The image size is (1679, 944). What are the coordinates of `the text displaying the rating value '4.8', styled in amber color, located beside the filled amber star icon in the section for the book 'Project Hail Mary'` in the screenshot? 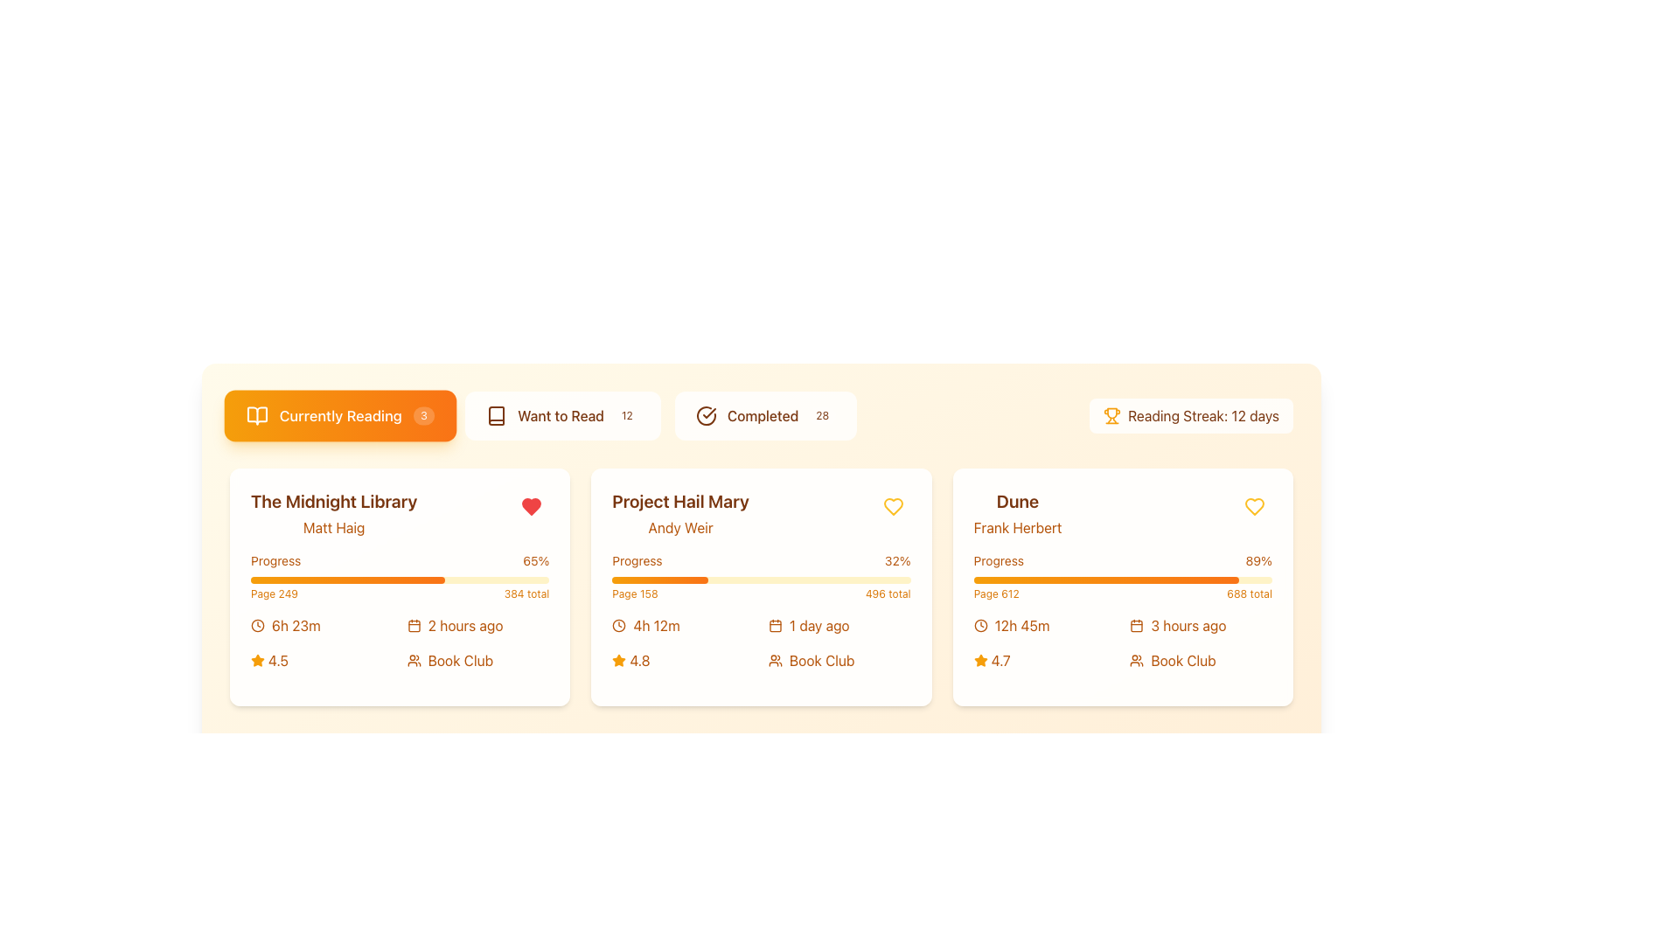 It's located at (638, 661).